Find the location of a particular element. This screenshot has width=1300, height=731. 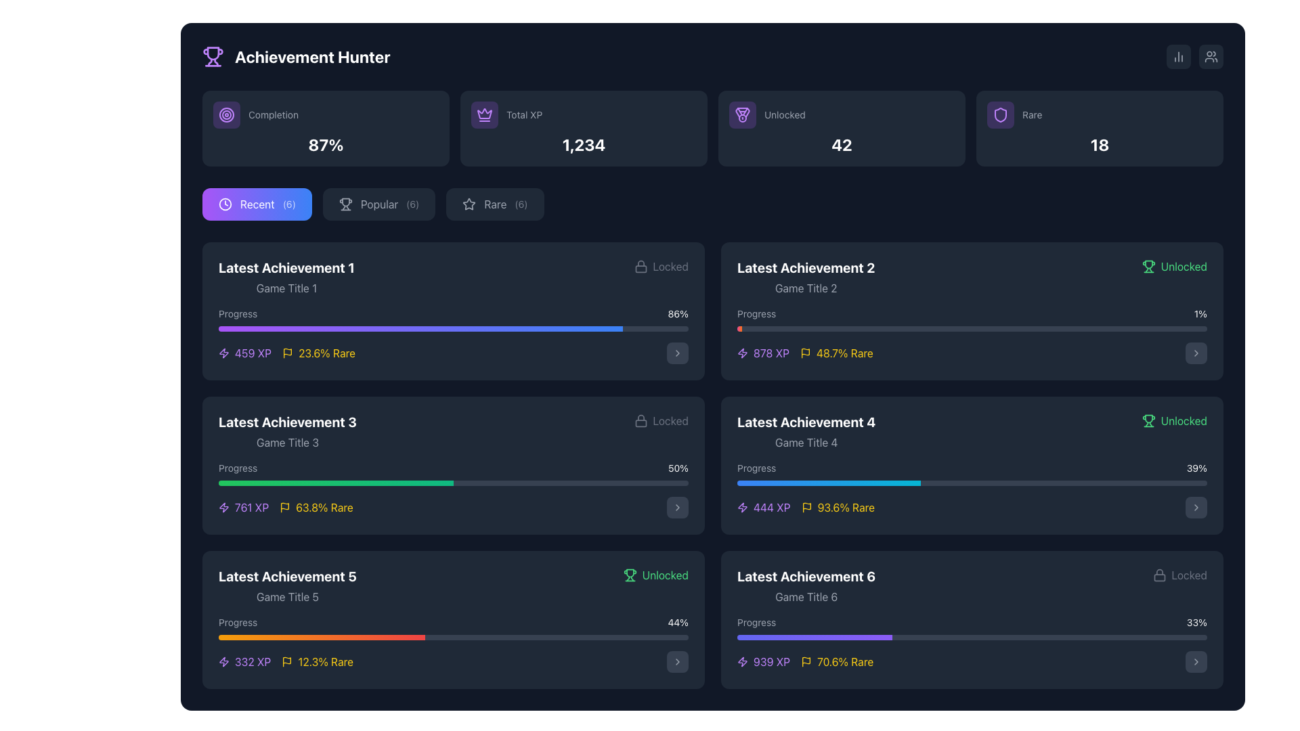

the percentage text displayed on the Progress Bar for 'Latest Achievement 1', which shows 86% is located at coordinates (454, 319).